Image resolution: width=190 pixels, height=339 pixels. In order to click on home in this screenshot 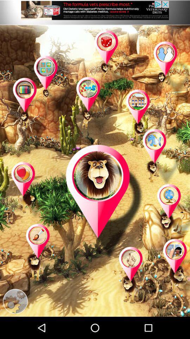, I will do `click(145, 118)`.